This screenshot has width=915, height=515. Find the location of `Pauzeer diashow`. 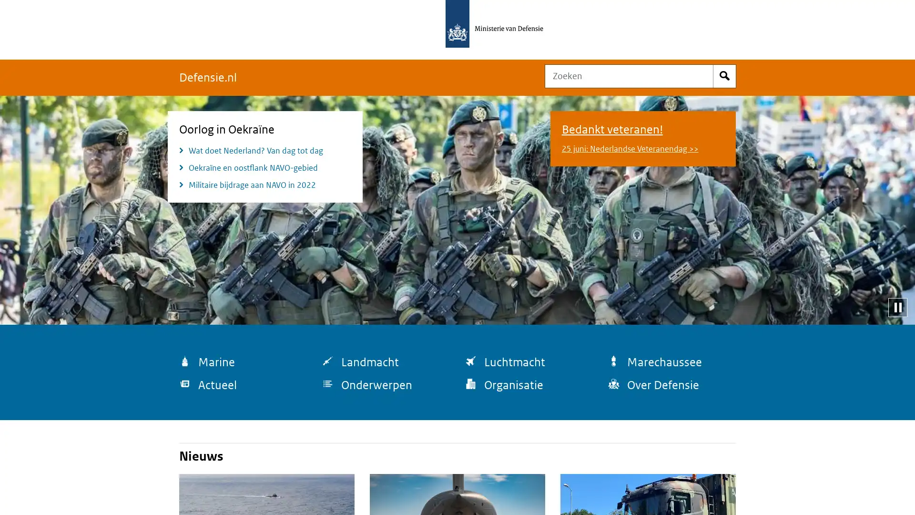

Pauzeer diashow is located at coordinates (897, 307).